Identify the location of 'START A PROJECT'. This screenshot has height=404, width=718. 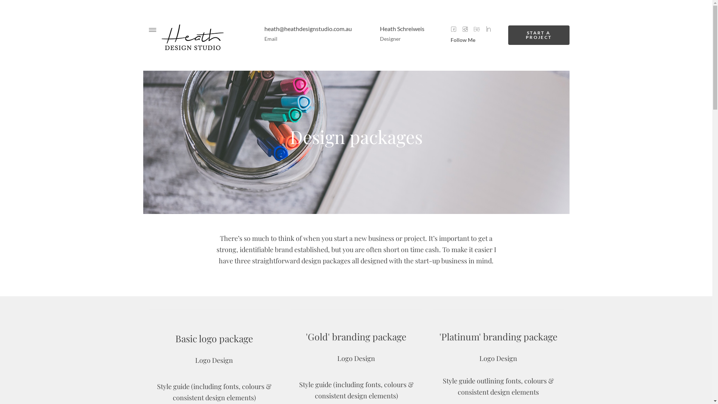
(538, 35).